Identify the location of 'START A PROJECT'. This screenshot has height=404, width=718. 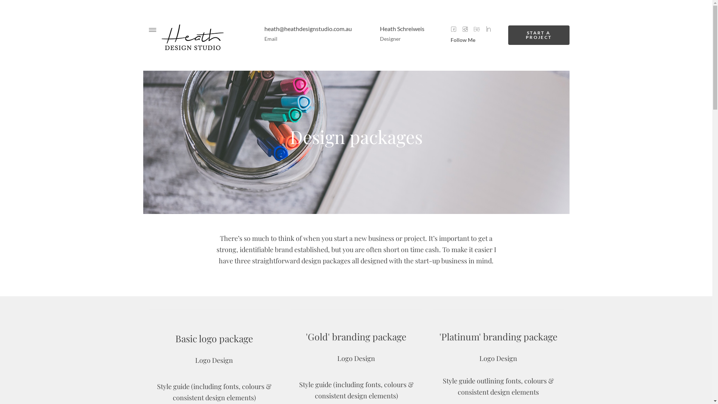
(538, 35).